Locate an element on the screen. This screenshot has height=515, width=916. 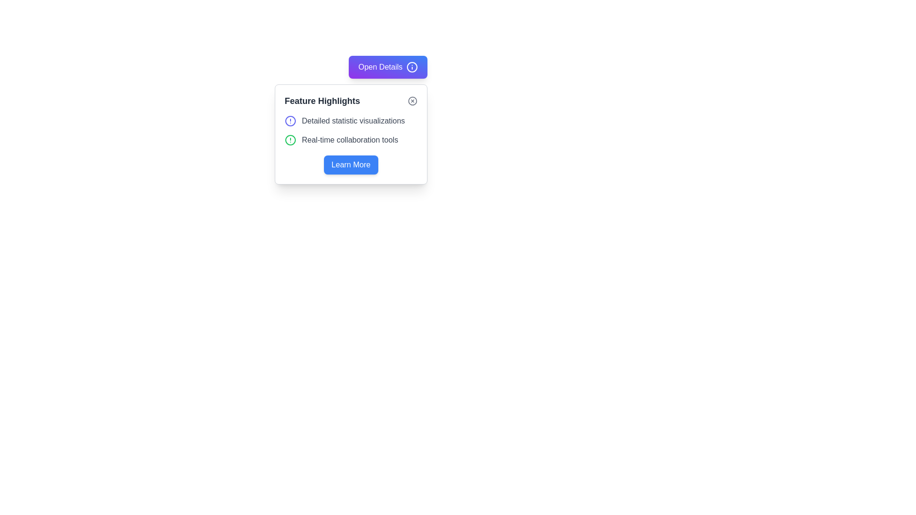
the graphical decoration within the icon located in the top-right corner of the 'Feature Highlights' section is located at coordinates (412, 101).